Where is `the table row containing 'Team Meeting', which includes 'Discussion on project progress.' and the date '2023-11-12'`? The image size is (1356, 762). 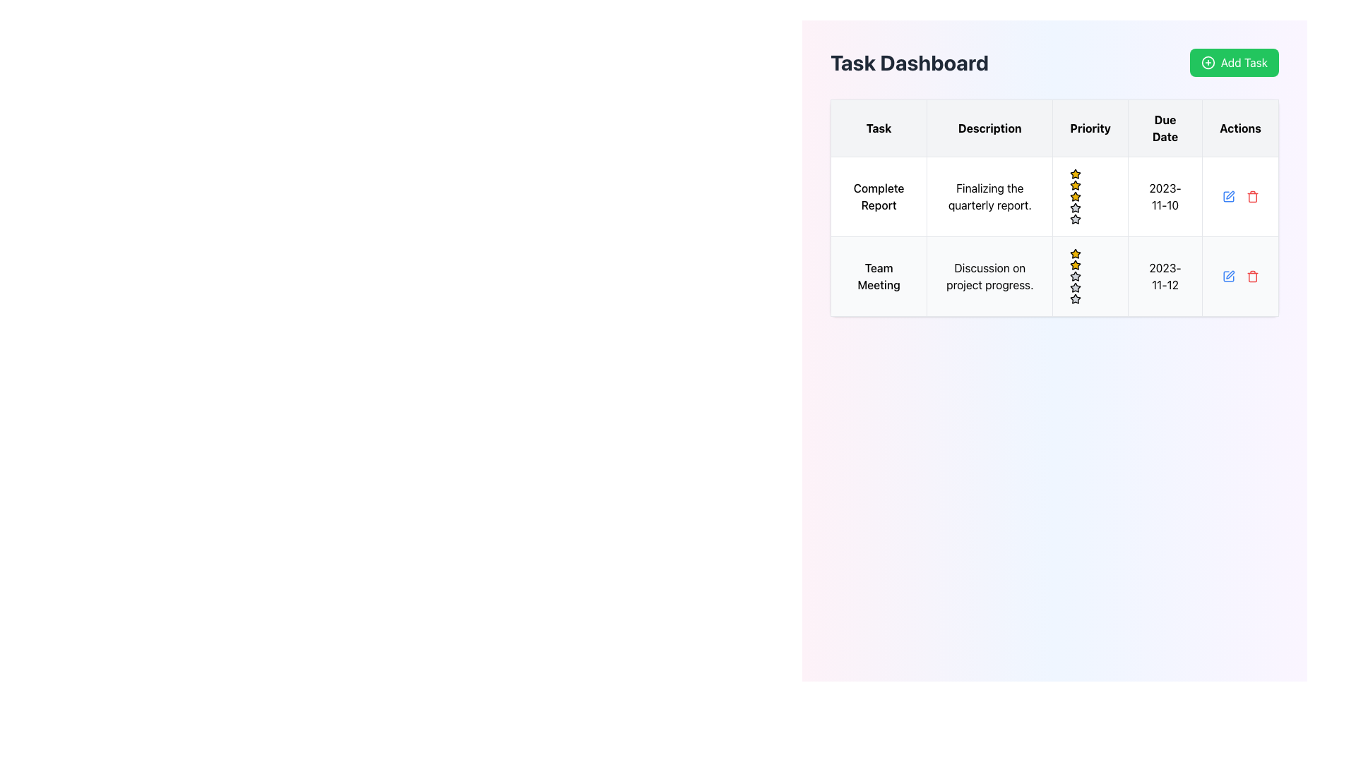
the table row containing 'Team Meeting', which includes 'Discussion on project progress.' and the date '2023-11-12' is located at coordinates (1054, 277).